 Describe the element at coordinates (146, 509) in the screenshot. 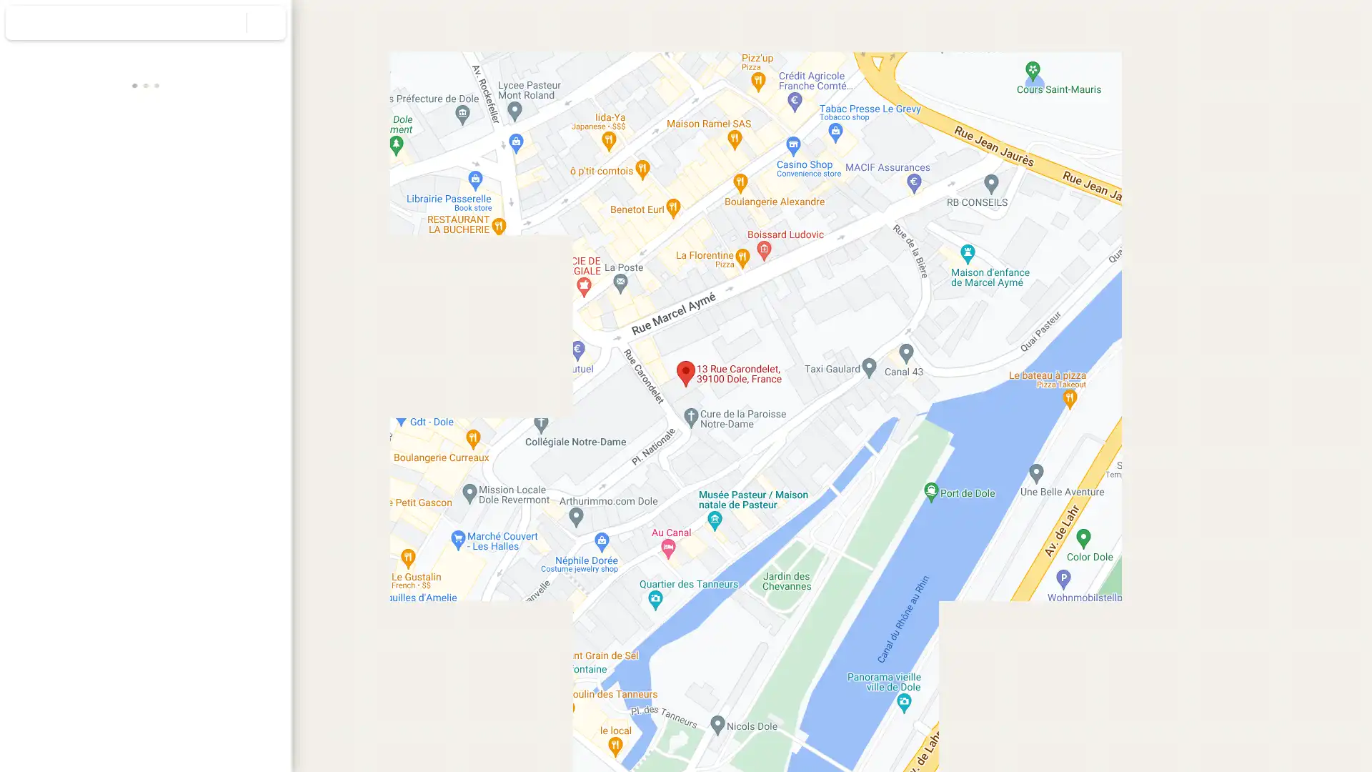

I see `Street View` at that location.